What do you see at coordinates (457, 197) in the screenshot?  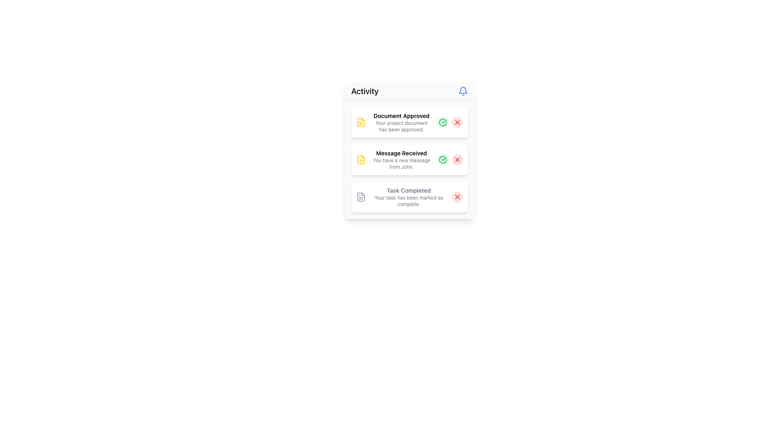 I see `the red circular button with an 'X' icon located in the bottom-right corner of the notification card that displays 'Task Completed'` at bounding box center [457, 197].